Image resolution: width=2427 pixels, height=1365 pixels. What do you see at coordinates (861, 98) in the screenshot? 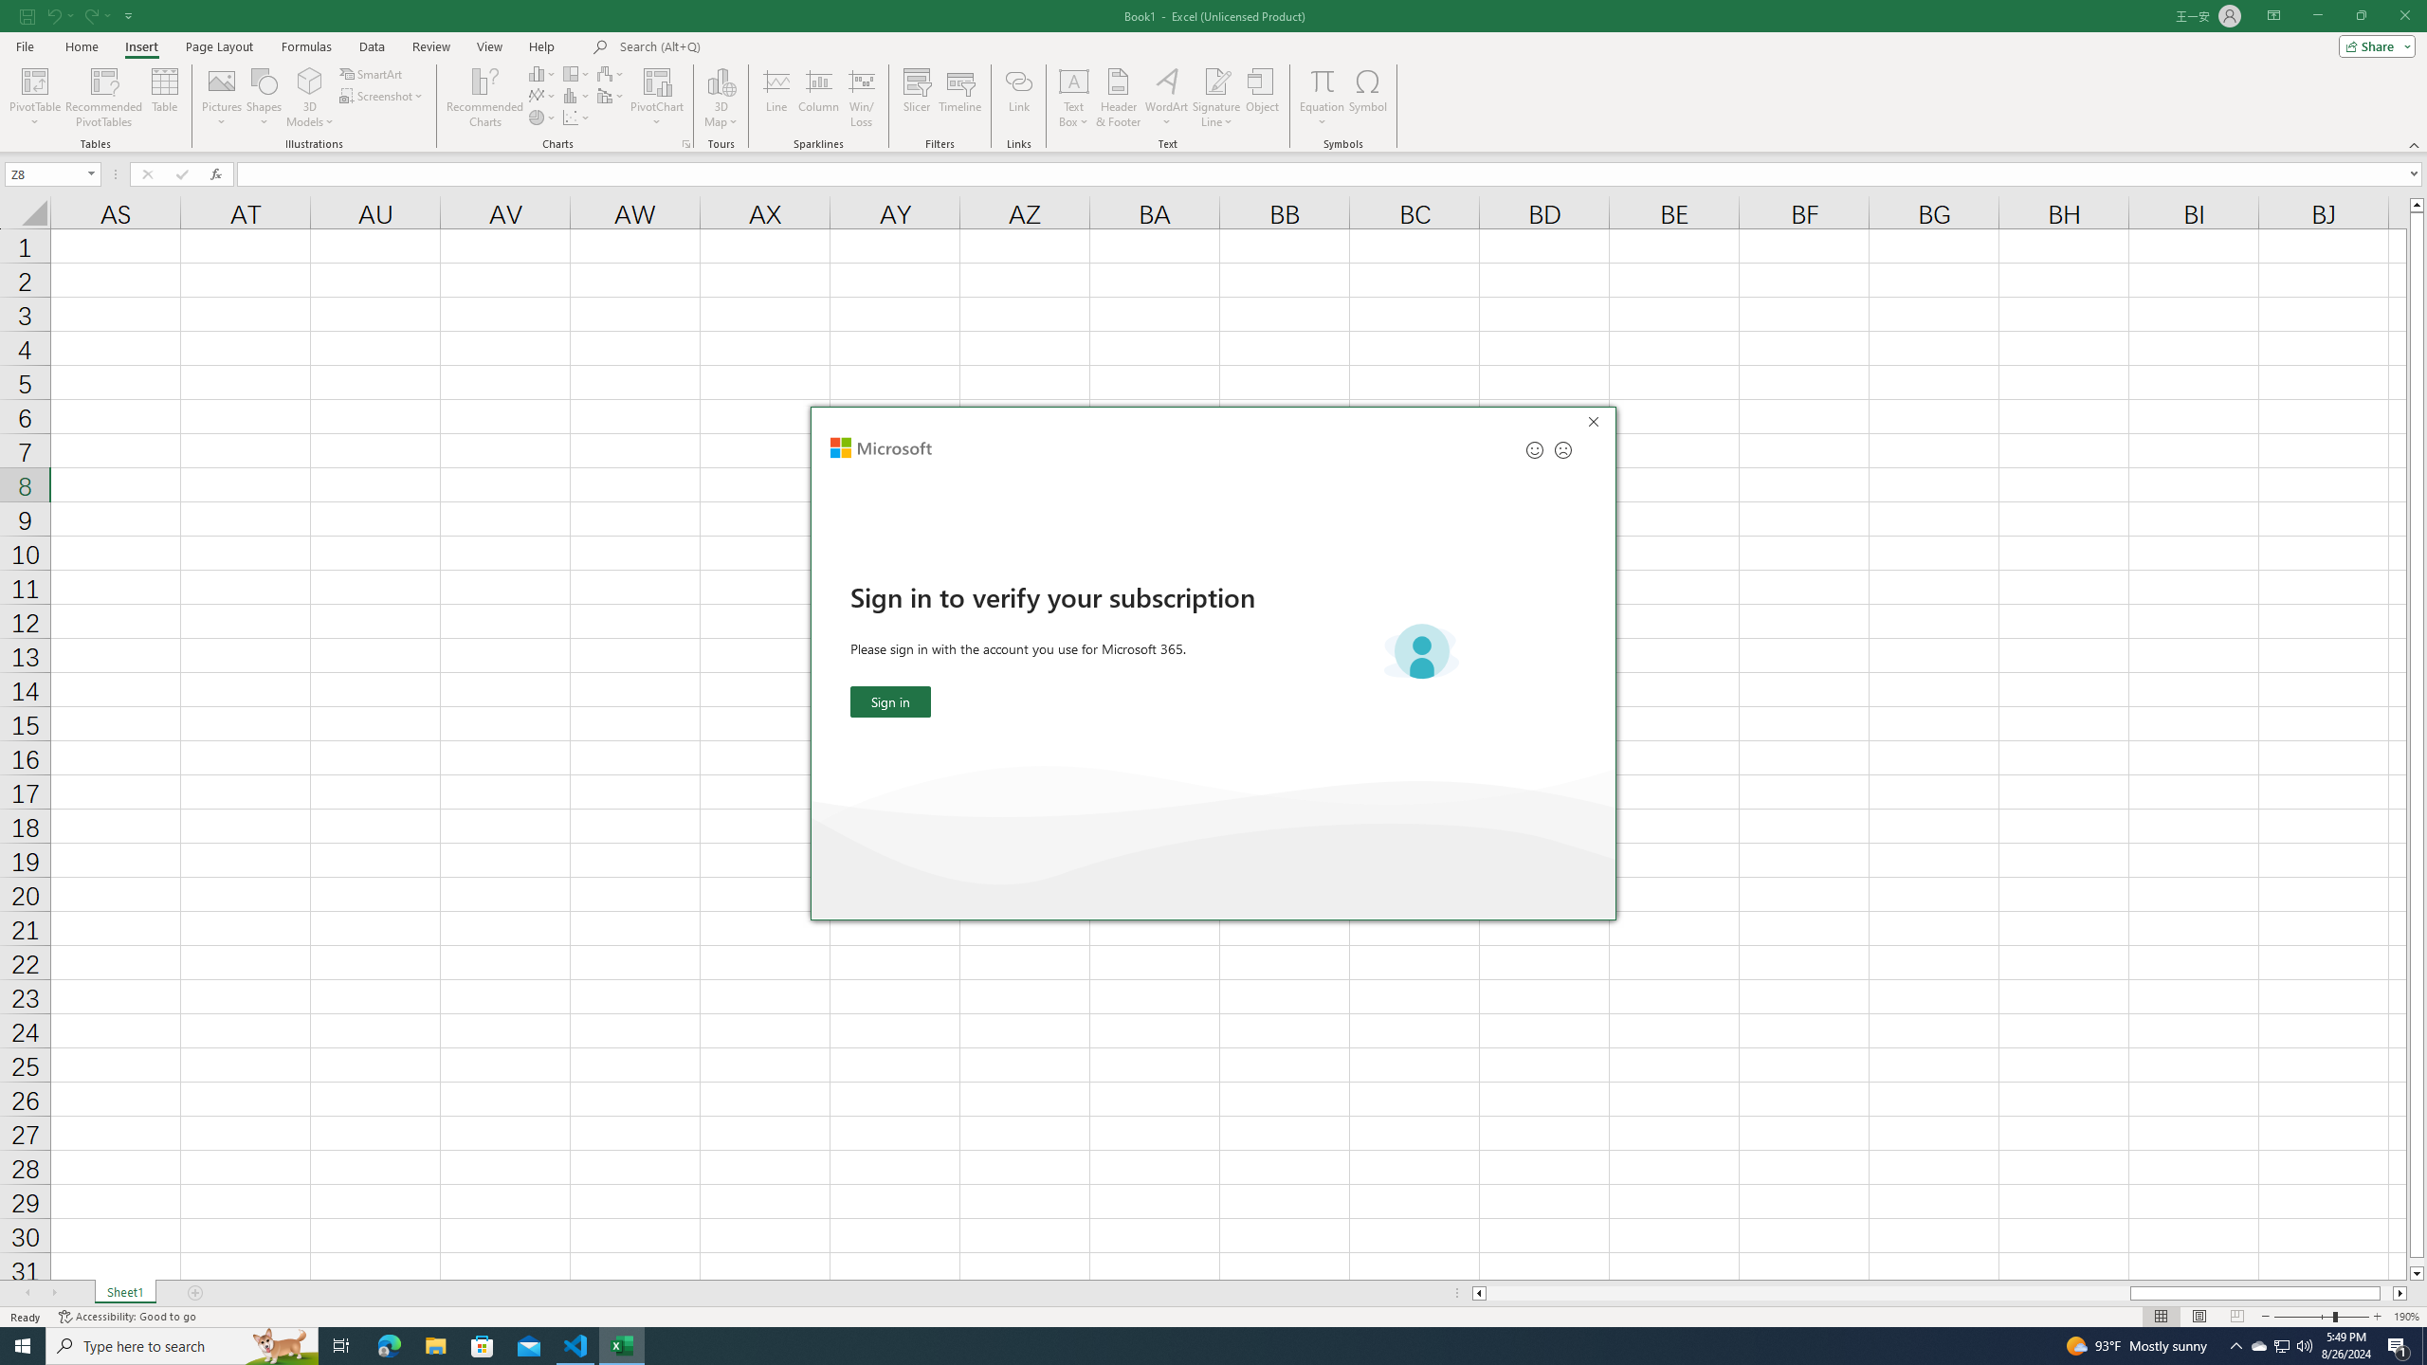
I see `'Win/Loss'` at bounding box center [861, 98].